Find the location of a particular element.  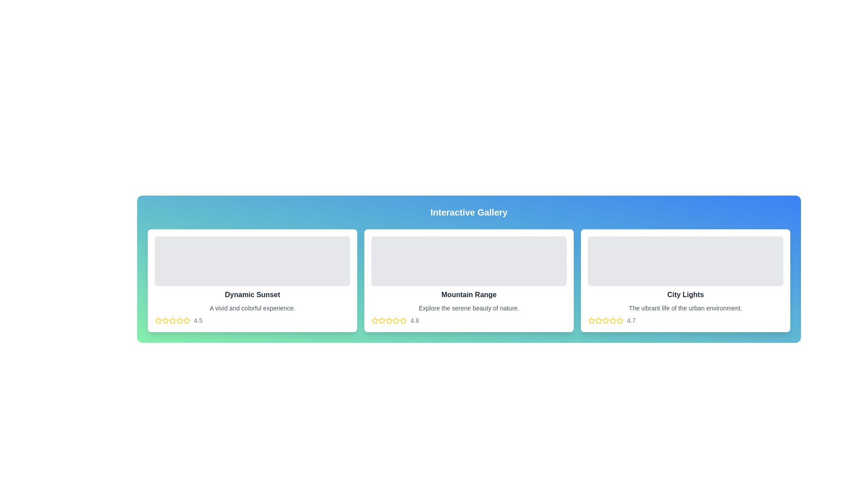

the sixth star icon in the rating group beneath the 'Dynamic Sunset' card, which is styled in yellow and represents a rating element is located at coordinates (179, 320).